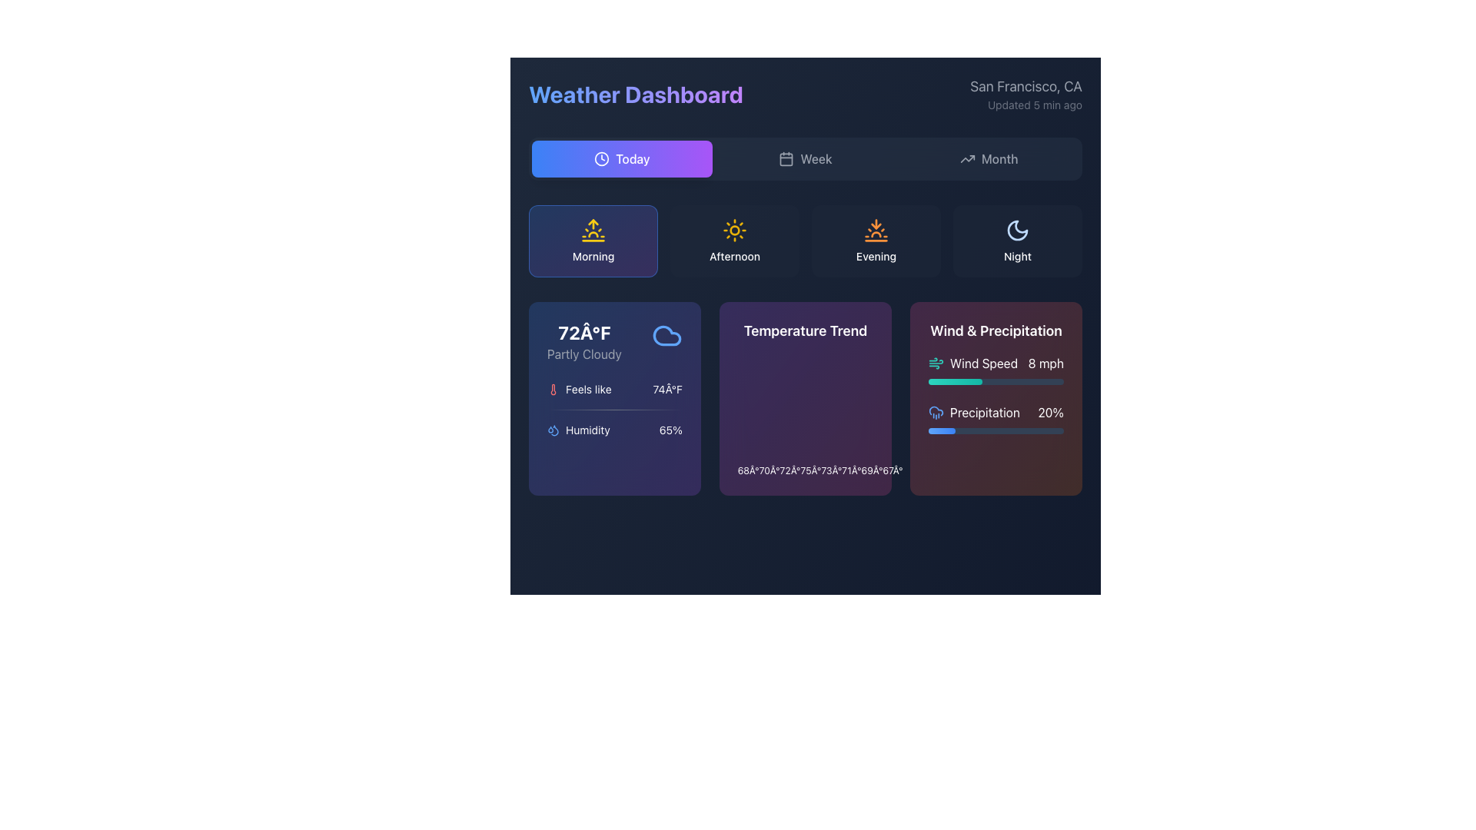  I want to click on the weather metrics display in the lower-right corner of the 'Wind & Precipitation' card, so click(996, 393).